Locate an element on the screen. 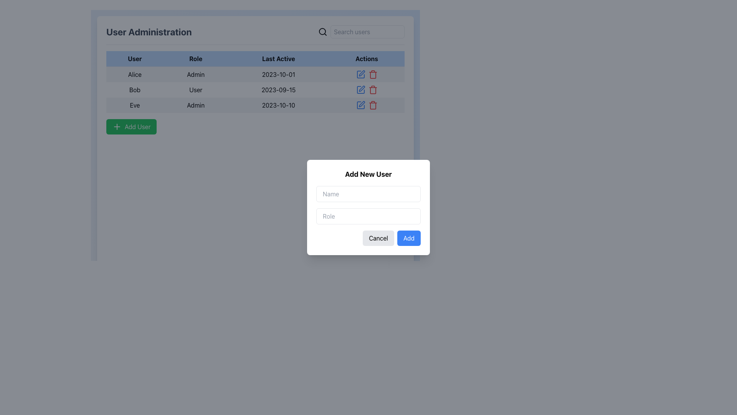 The image size is (737, 415). the Data cell displaying the last active date ('2023-09-15') for user 'Bob' in the 'User Administration' table is located at coordinates (255, 89).